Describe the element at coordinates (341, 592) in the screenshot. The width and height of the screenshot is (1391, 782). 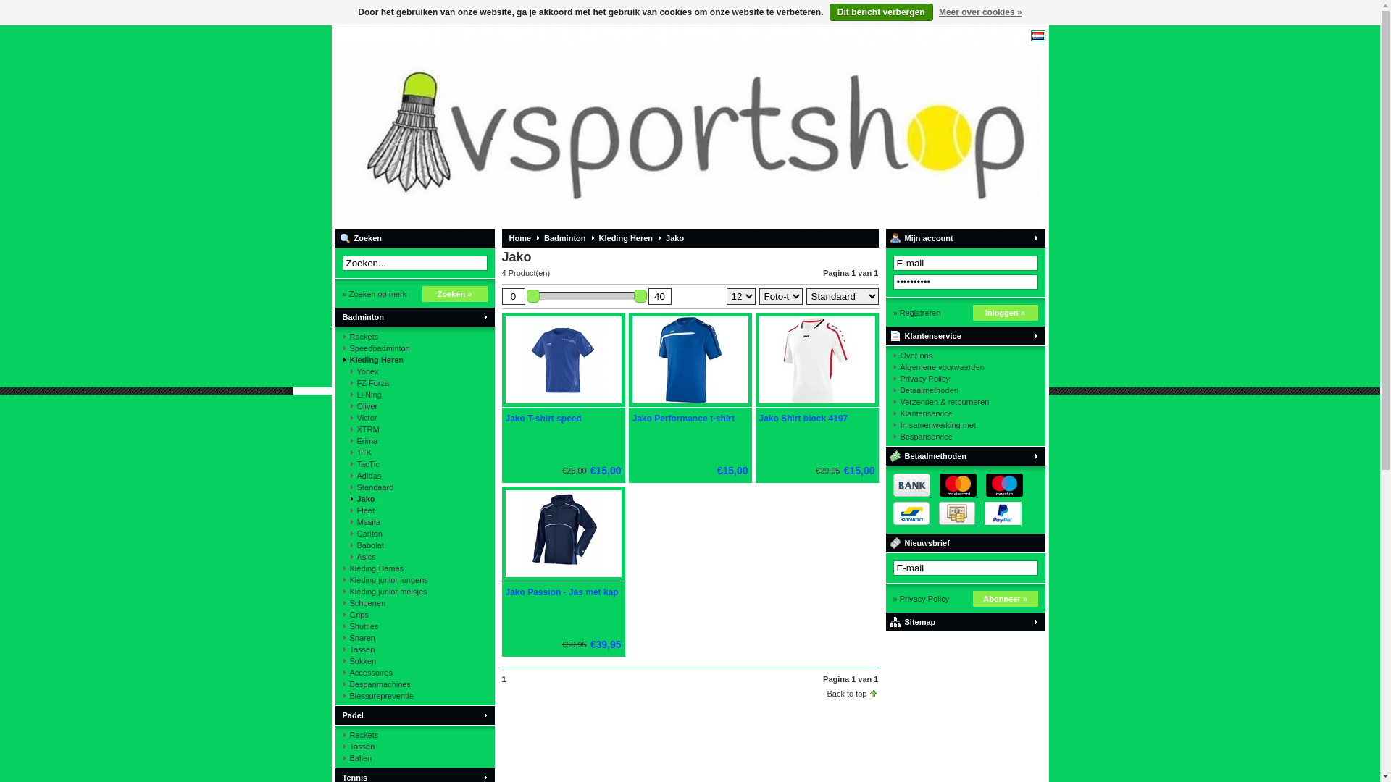
I see `'Kleding junior meisjes'` at that location.